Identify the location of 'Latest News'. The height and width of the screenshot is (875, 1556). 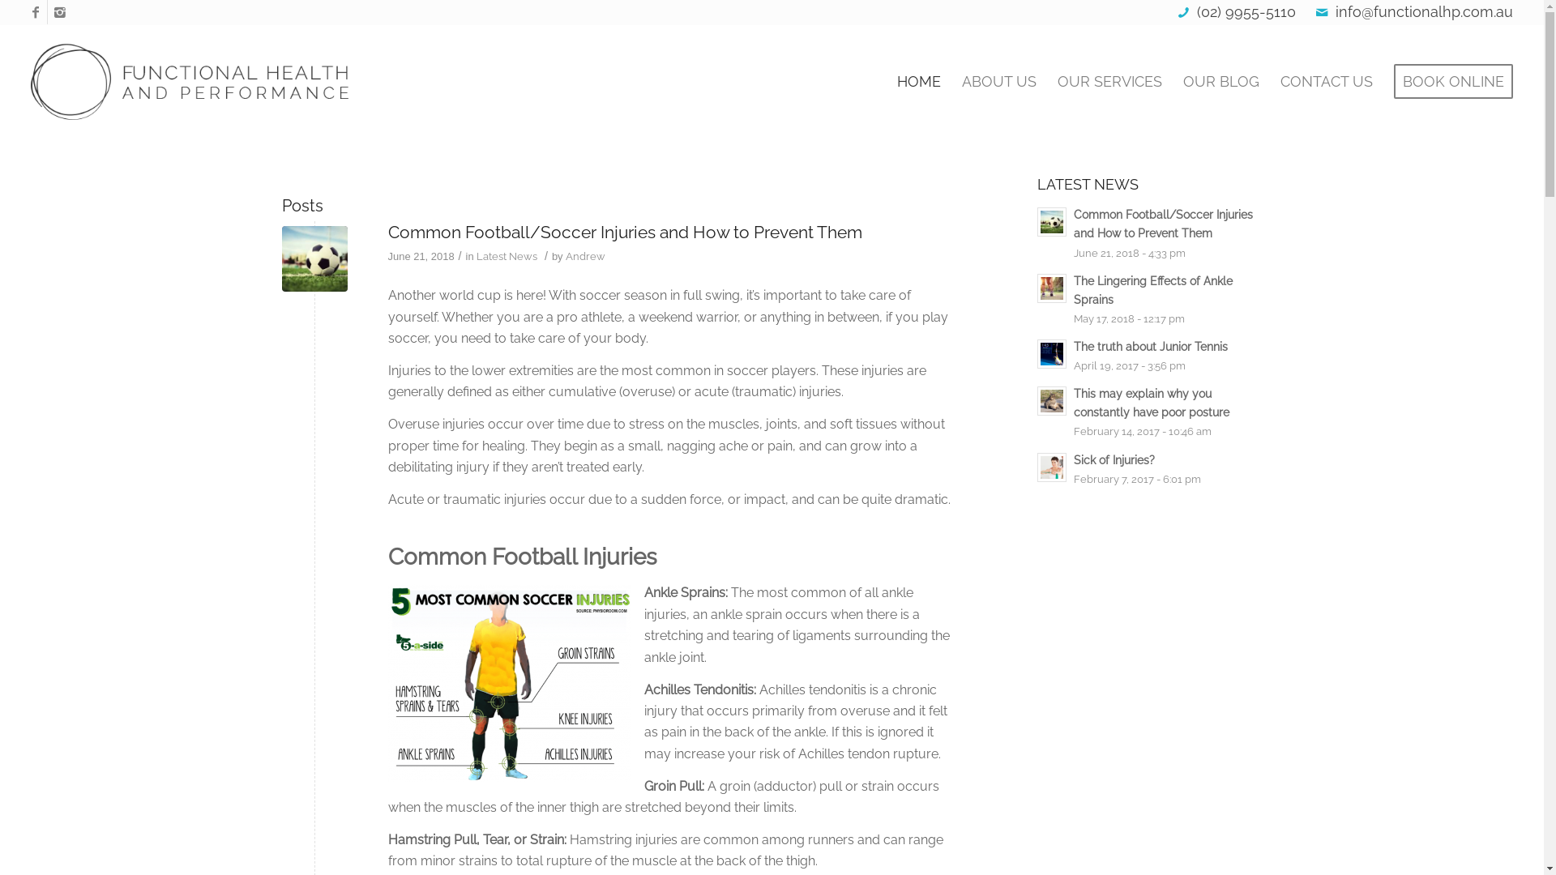
(506, 255).